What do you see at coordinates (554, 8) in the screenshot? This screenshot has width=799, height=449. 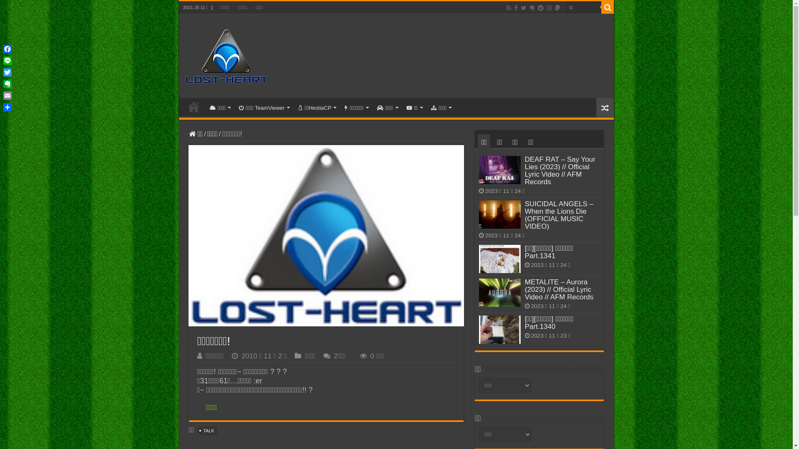 I see `'paypal'` at bounding box center [554, 8].